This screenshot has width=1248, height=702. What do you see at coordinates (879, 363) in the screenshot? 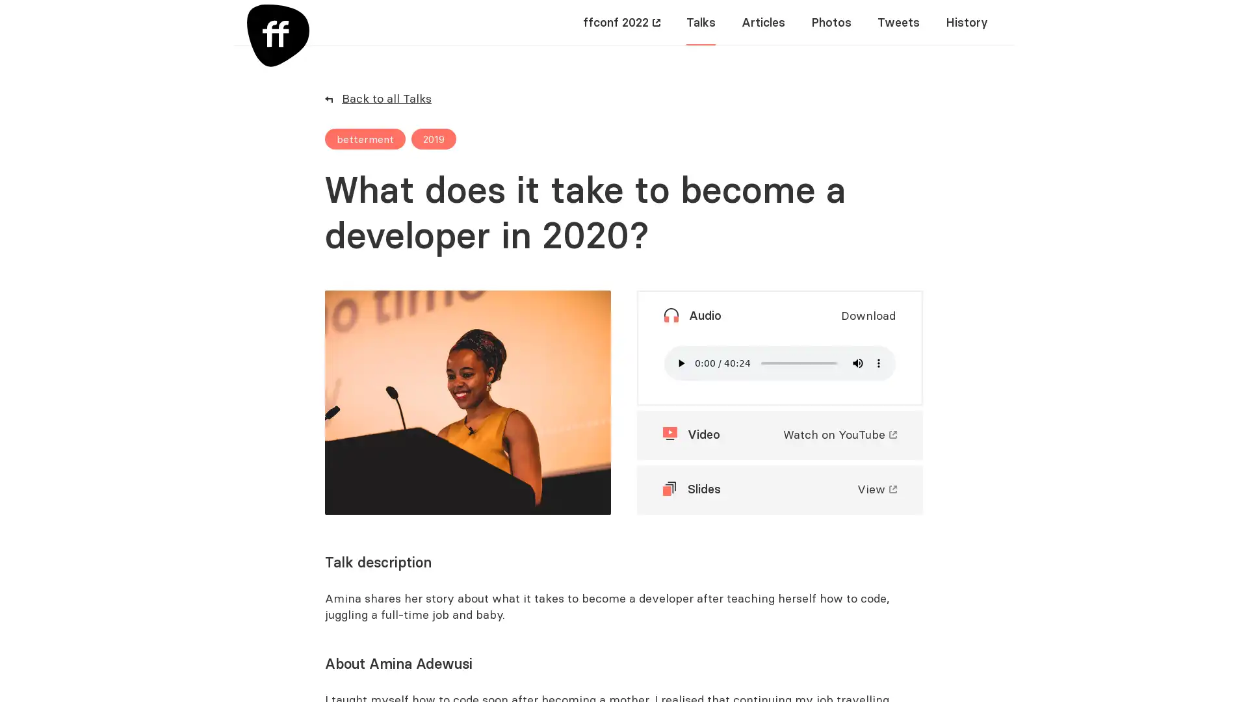
I see `show more media controls` at bounding box center [879, 363].